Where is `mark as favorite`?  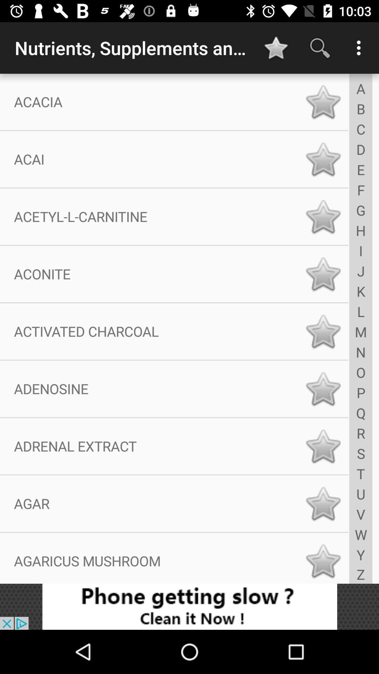
mark as favorite is located at coordinates (323, 503).